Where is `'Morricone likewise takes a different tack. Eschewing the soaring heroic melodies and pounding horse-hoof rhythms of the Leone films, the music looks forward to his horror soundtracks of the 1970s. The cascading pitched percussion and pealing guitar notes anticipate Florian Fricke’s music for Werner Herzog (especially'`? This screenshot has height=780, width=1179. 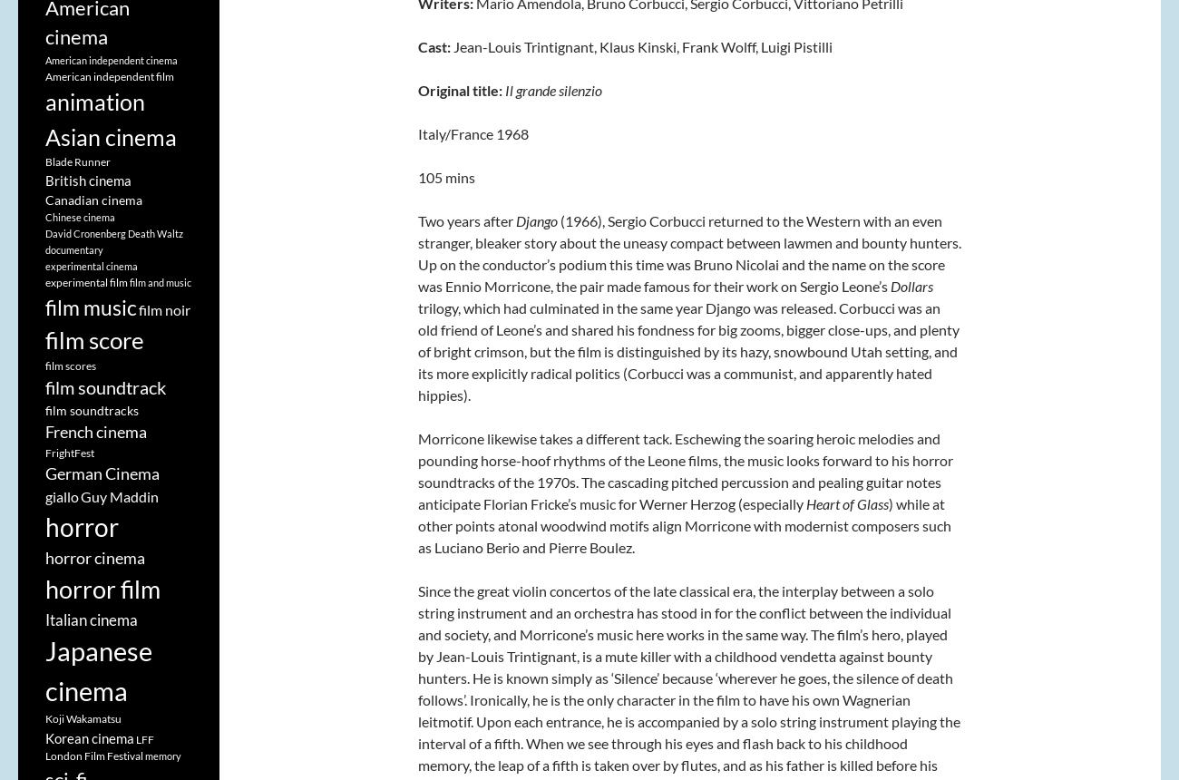 'Morricone likewise takes a different tack. Eschewing the soaring heroic melodies and pounding horse-hoof rhythms of the Leone films, the music looks forward to his horror soundtracks of the 1970s. The cascading pitched percussion and pealing guitar notes anticipate Florian Fricke’s music for Werner Herzog (especially' is located at coordinates (685, 470).